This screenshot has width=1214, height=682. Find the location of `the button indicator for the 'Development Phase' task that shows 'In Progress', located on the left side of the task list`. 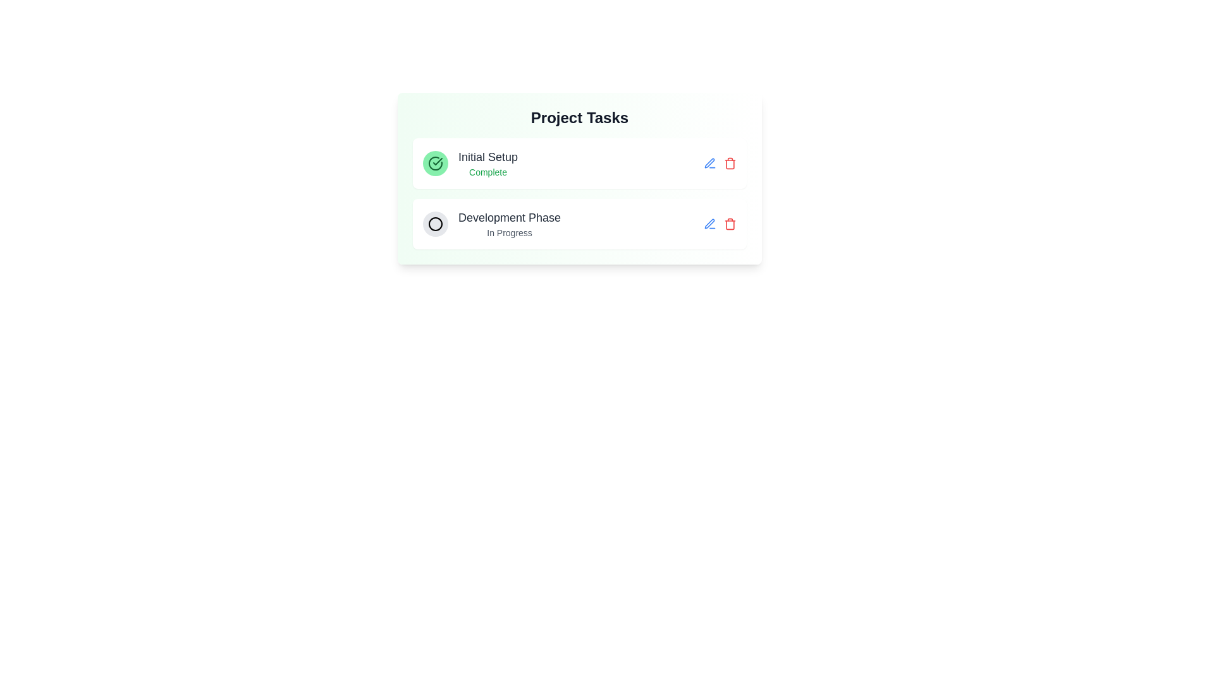

the button indicator for the 'Development Phase' task that shows 'In Progress', located on the left side of the task list is located at coordinates (436, 223).